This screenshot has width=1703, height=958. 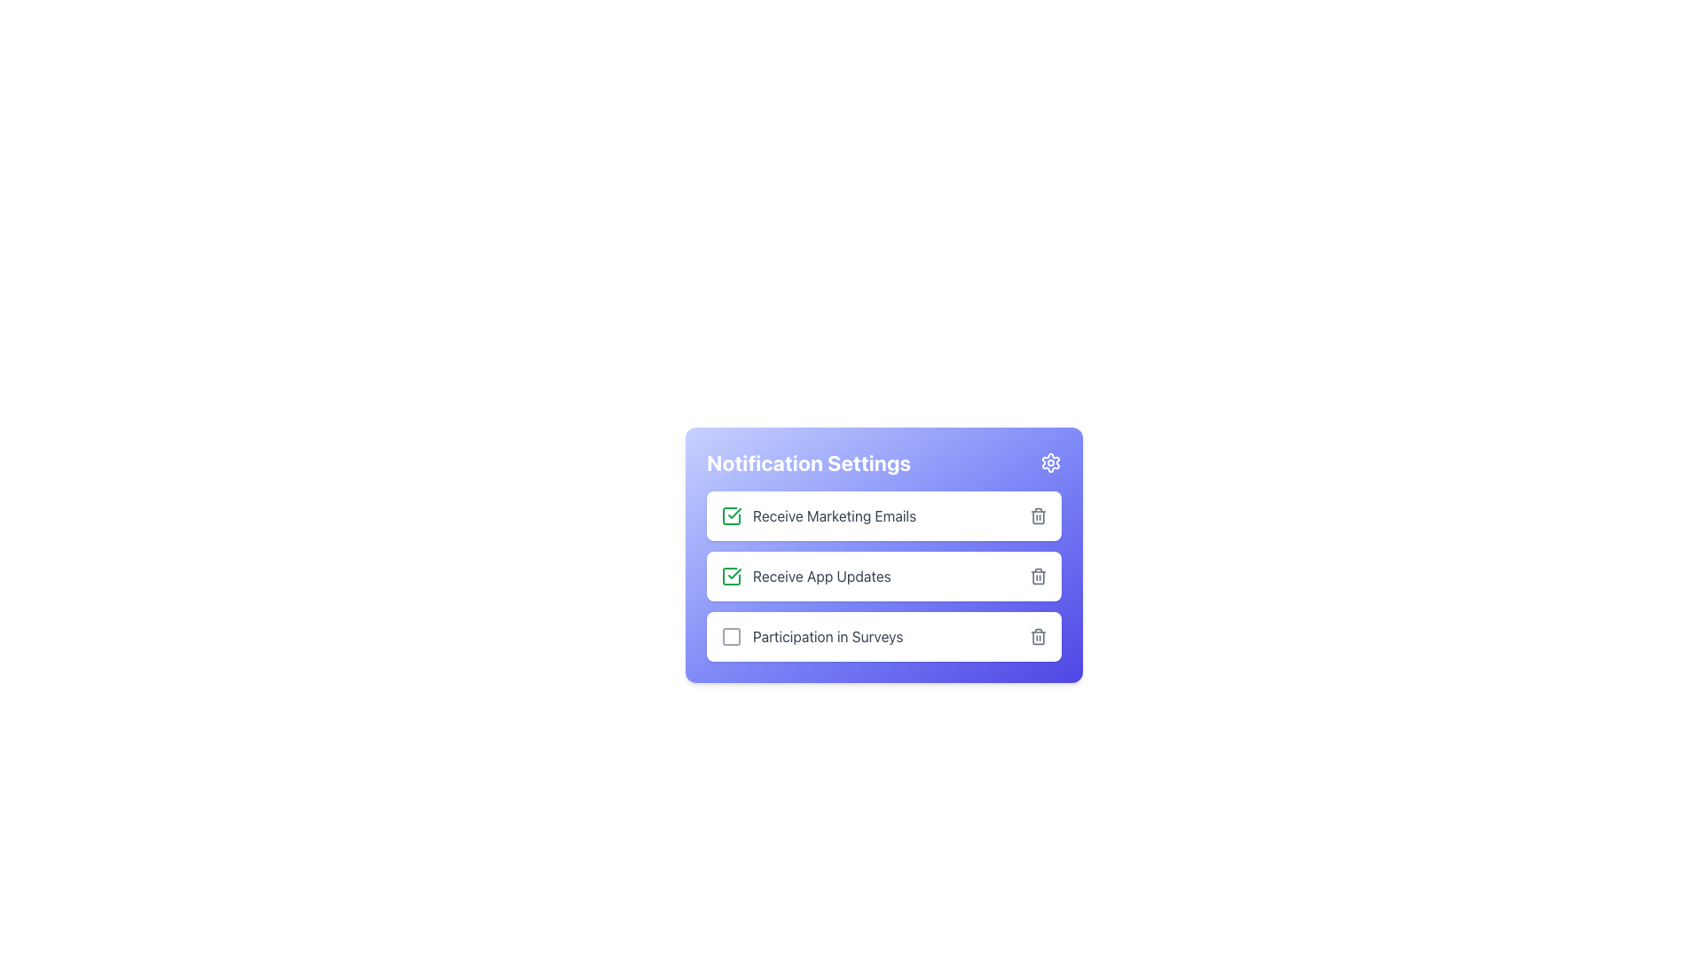 What do you see at coordinates (884, 461) in the screenshot?
I see `the Text Display that introduces the notification settings section, located above the list of options including 'Receive Marketing Emails'` at bounding box center [884, 461].